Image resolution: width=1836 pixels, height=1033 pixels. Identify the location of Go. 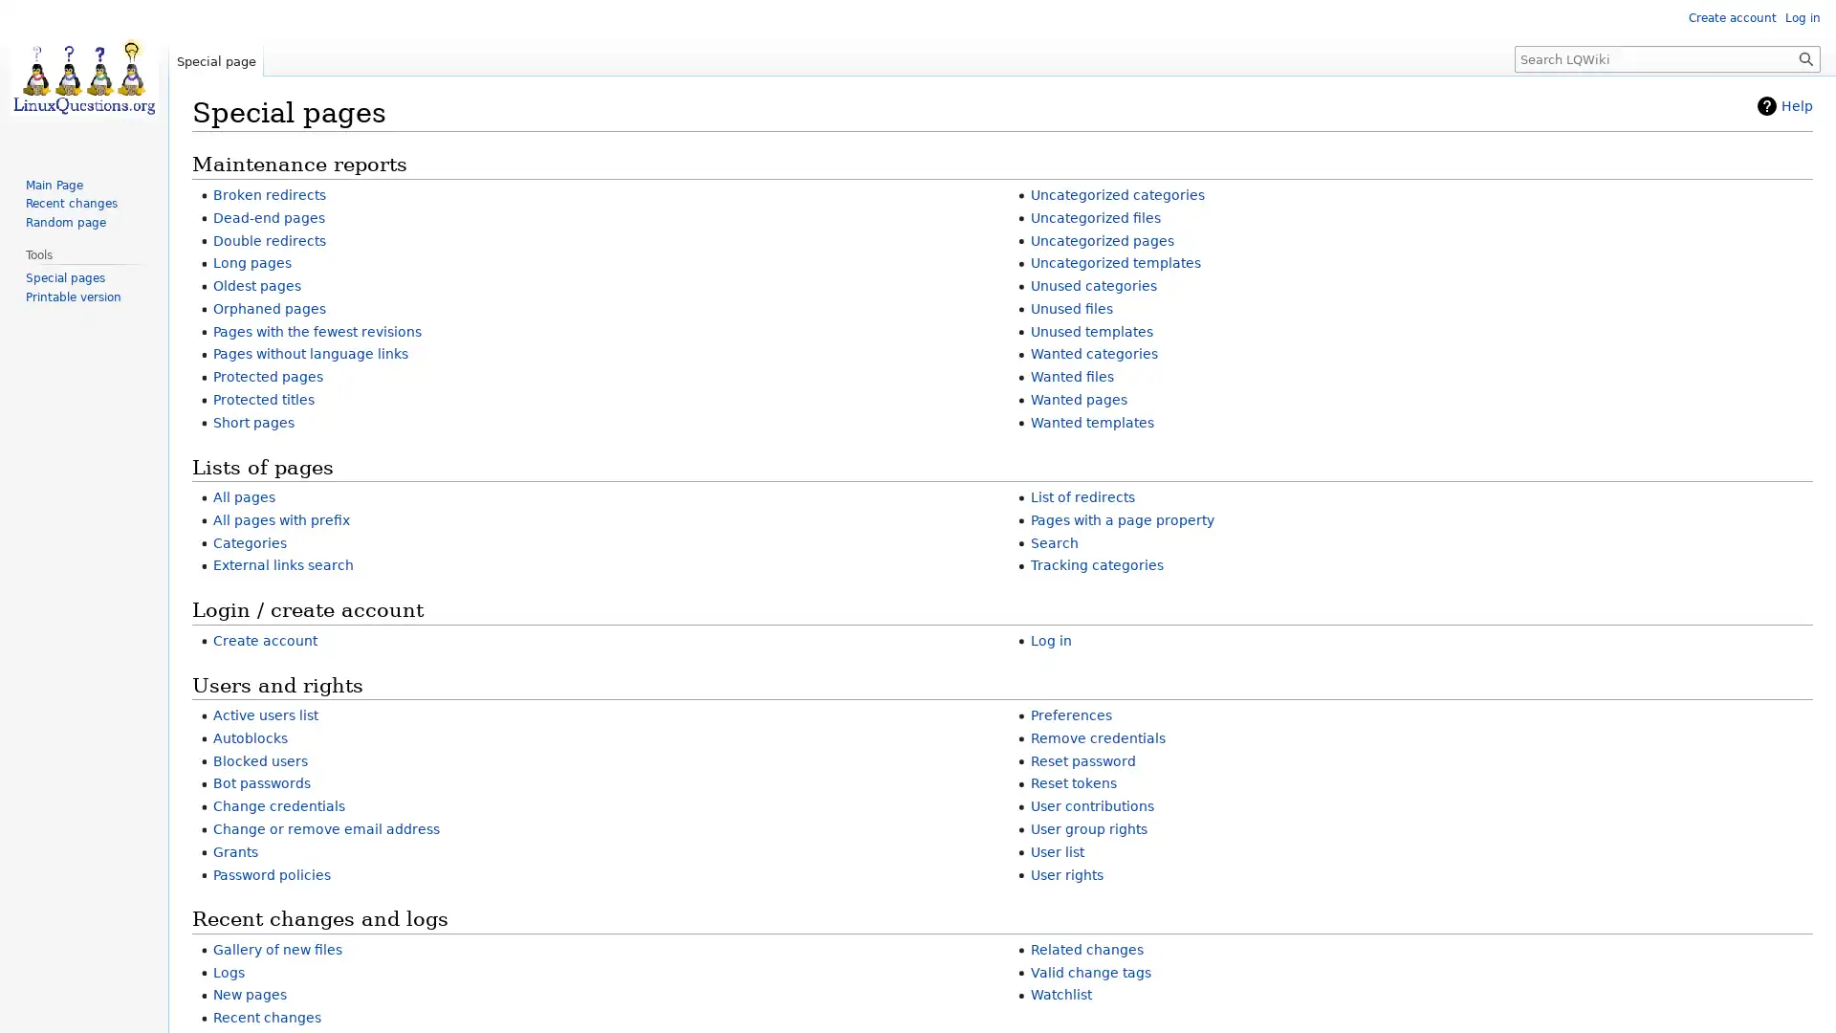
(1805, 57).